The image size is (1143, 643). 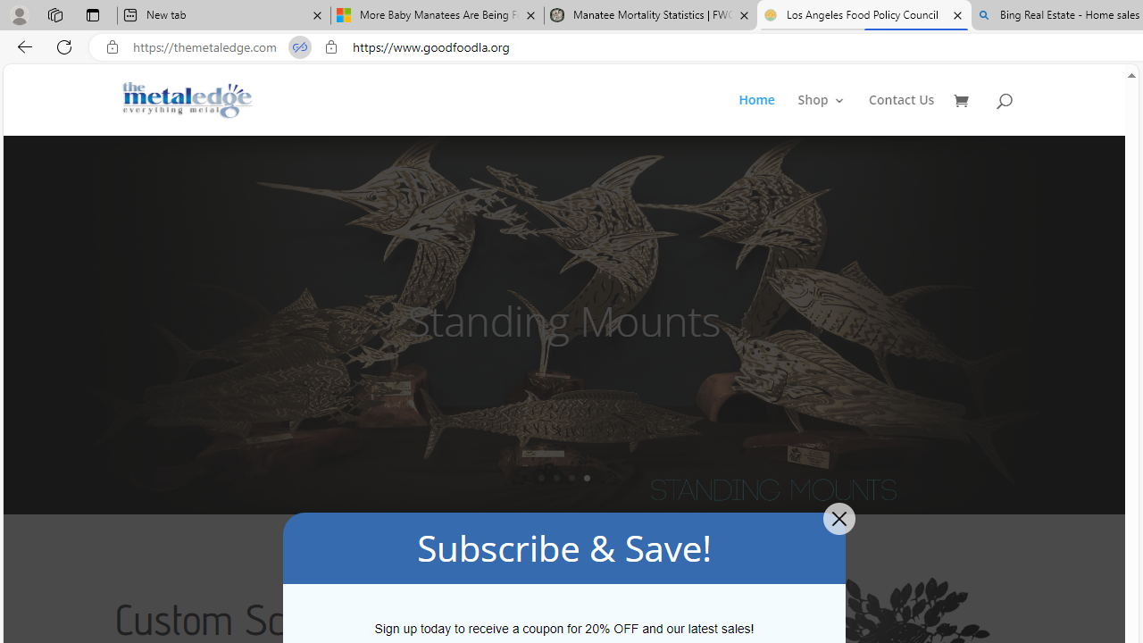 What do you see at coordinates (587, 477) in the screenshot?
I see `'4'` at bounding box center [587, 477].